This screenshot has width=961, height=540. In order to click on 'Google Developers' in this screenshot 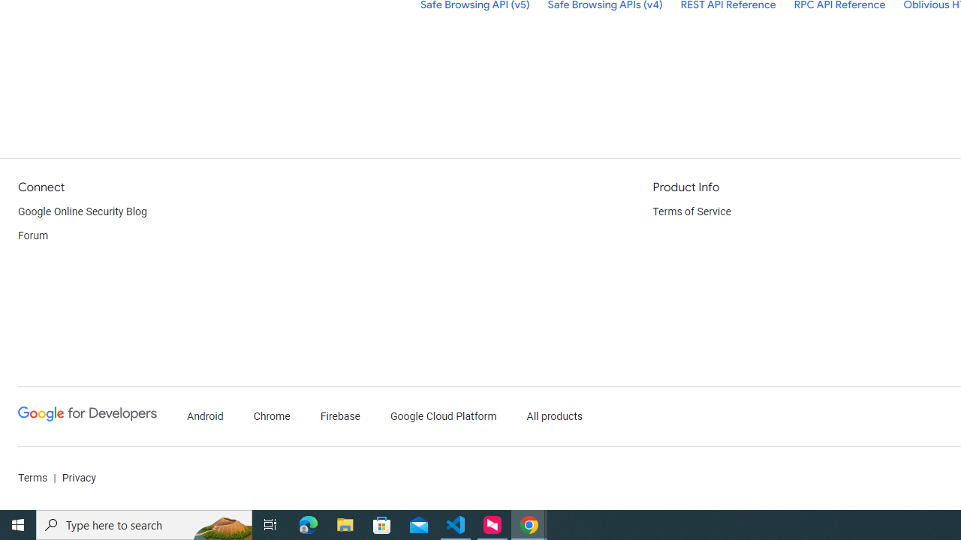, I will do `click(86, 416)`.